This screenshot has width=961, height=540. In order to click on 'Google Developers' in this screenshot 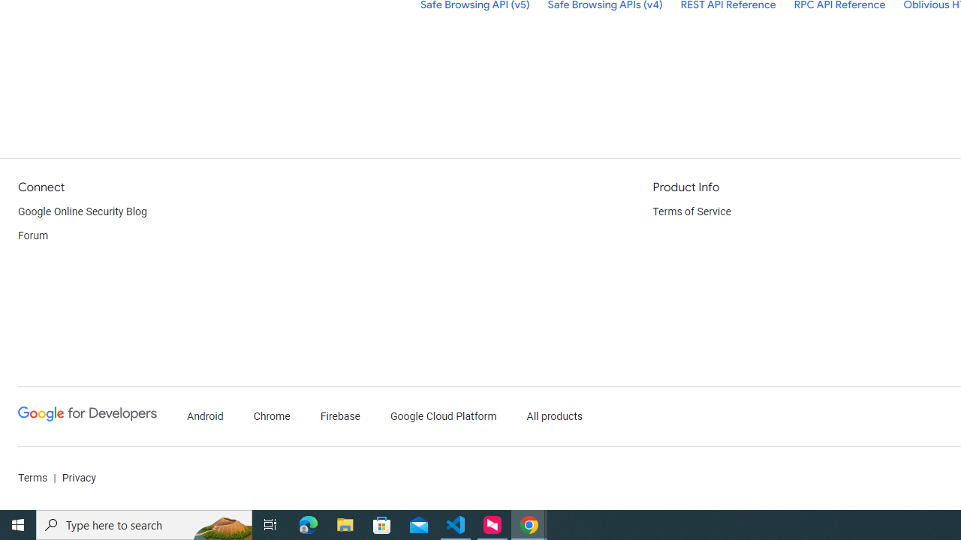, I will do `click(86, 416)`.